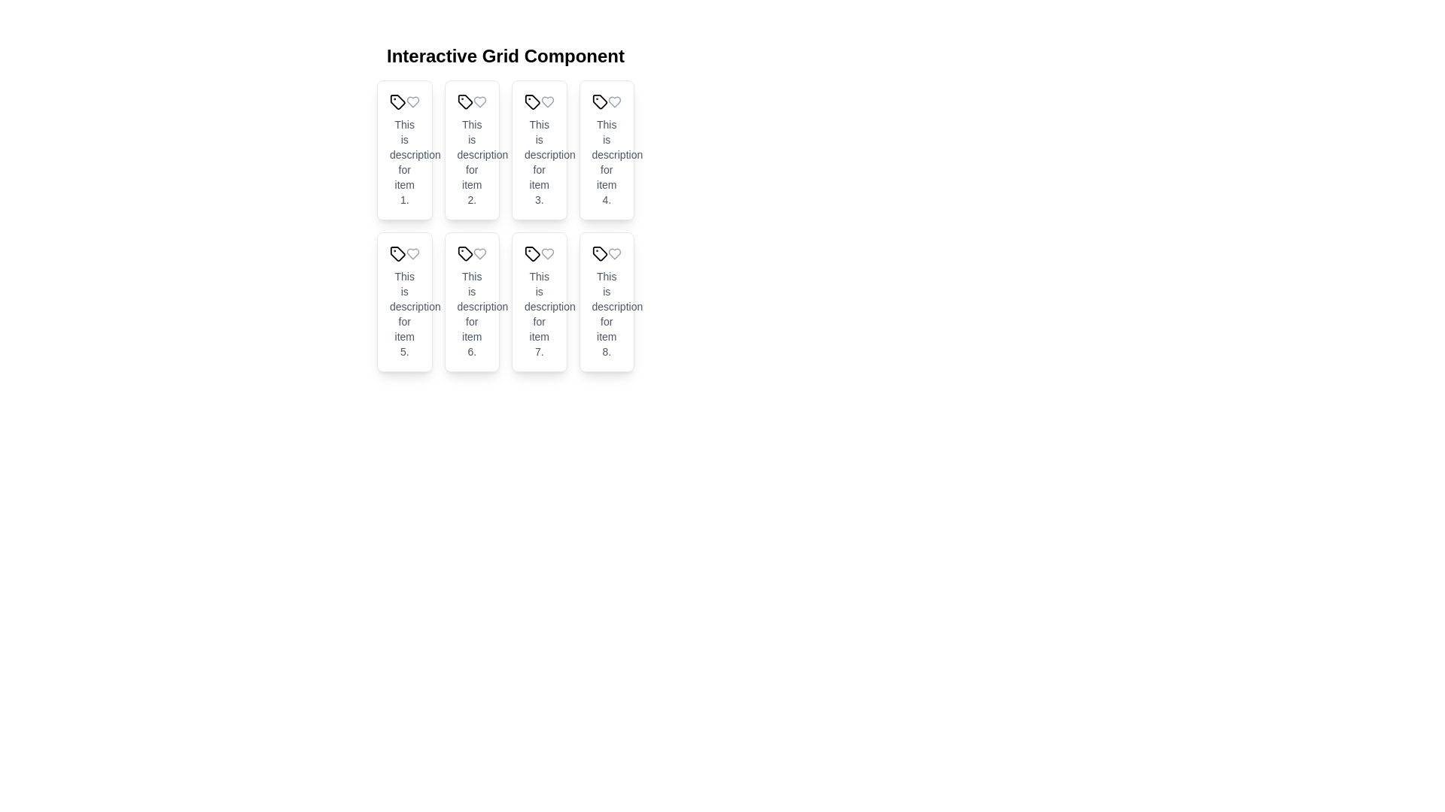  I want to click on the heart icon located at the top-right section of the grid item labeled 'Tile 1', so click(412, 101).